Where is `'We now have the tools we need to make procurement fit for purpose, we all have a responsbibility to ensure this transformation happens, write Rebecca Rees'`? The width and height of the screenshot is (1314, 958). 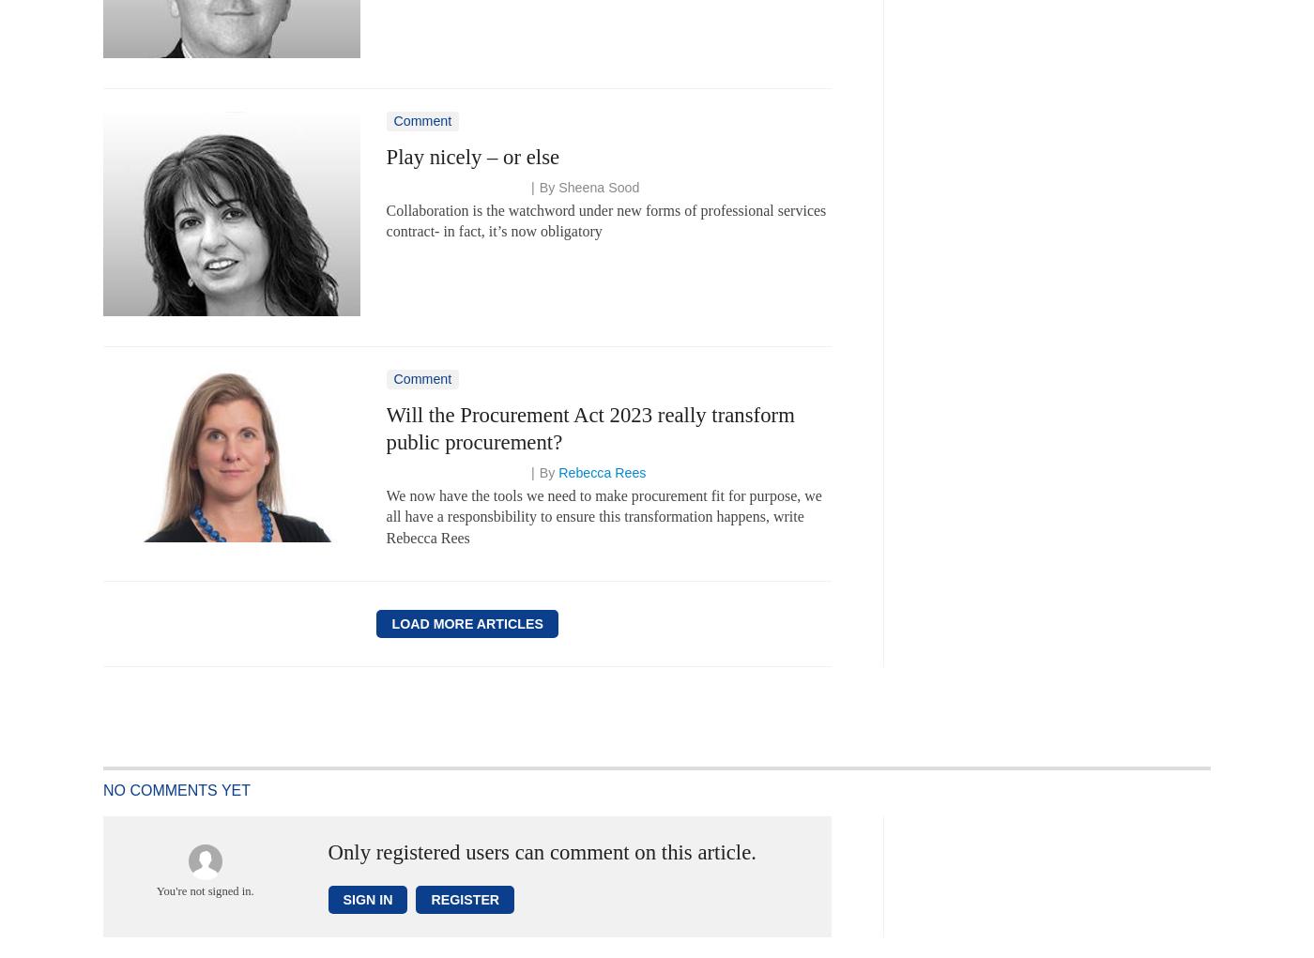 'We now have the tools we need to make procurement fit for purpose, we all have a responsbibility to ensure this transformation happens, write Rebecca Rees' is located at coordinates (604, 515).